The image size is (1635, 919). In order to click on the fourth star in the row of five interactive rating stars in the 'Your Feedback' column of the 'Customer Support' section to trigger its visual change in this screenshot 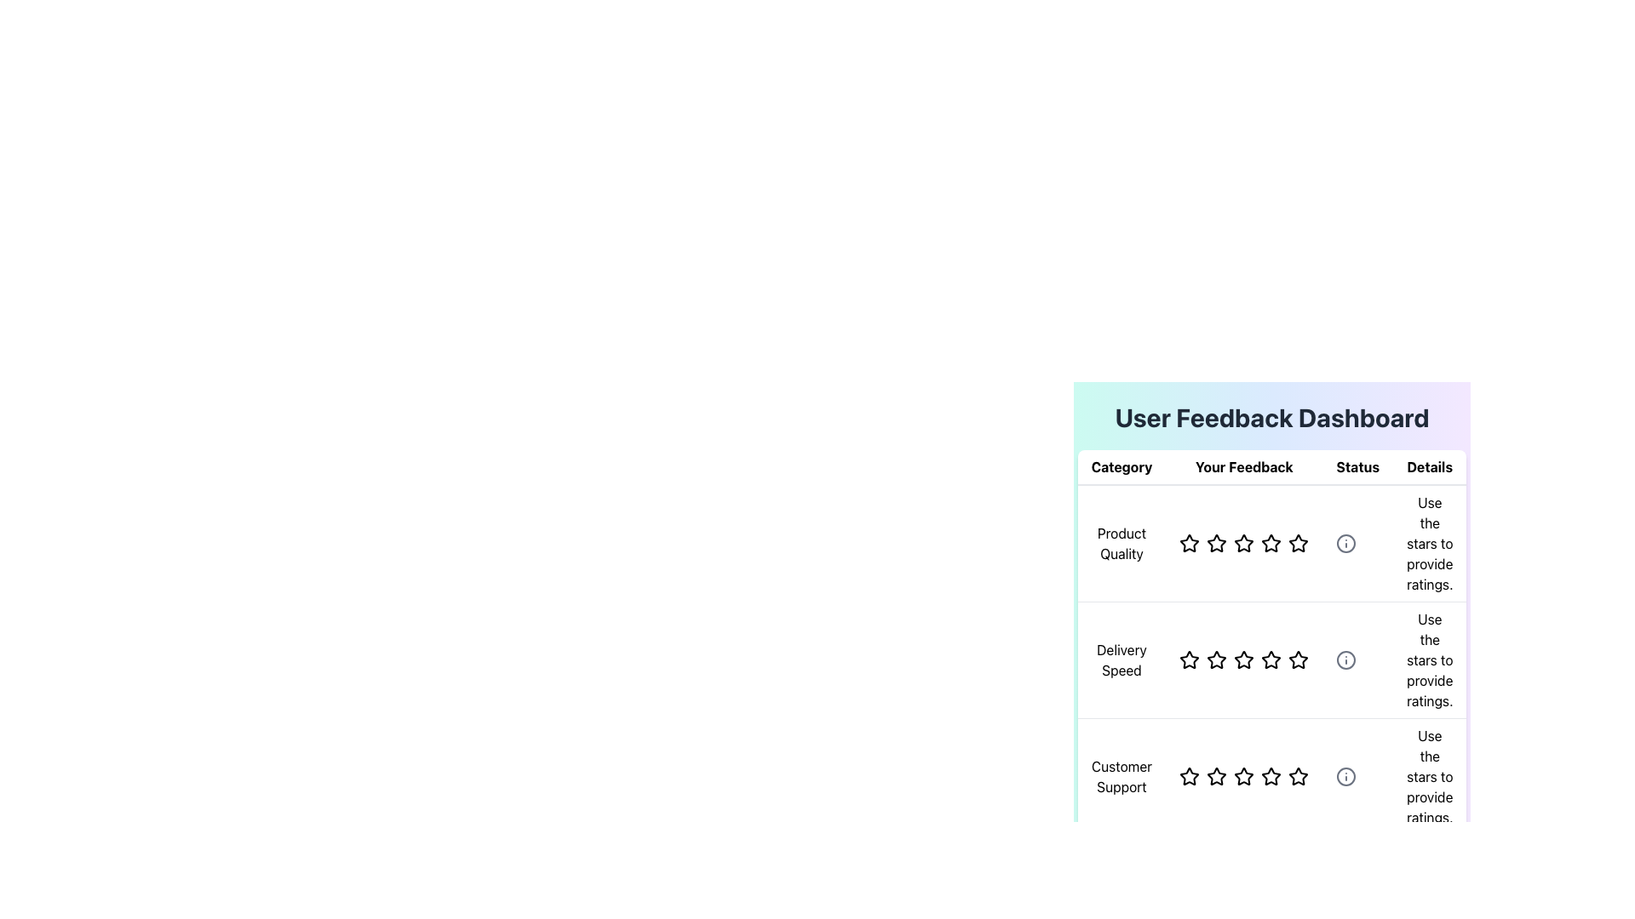, I will do `click(1244, 777)`.